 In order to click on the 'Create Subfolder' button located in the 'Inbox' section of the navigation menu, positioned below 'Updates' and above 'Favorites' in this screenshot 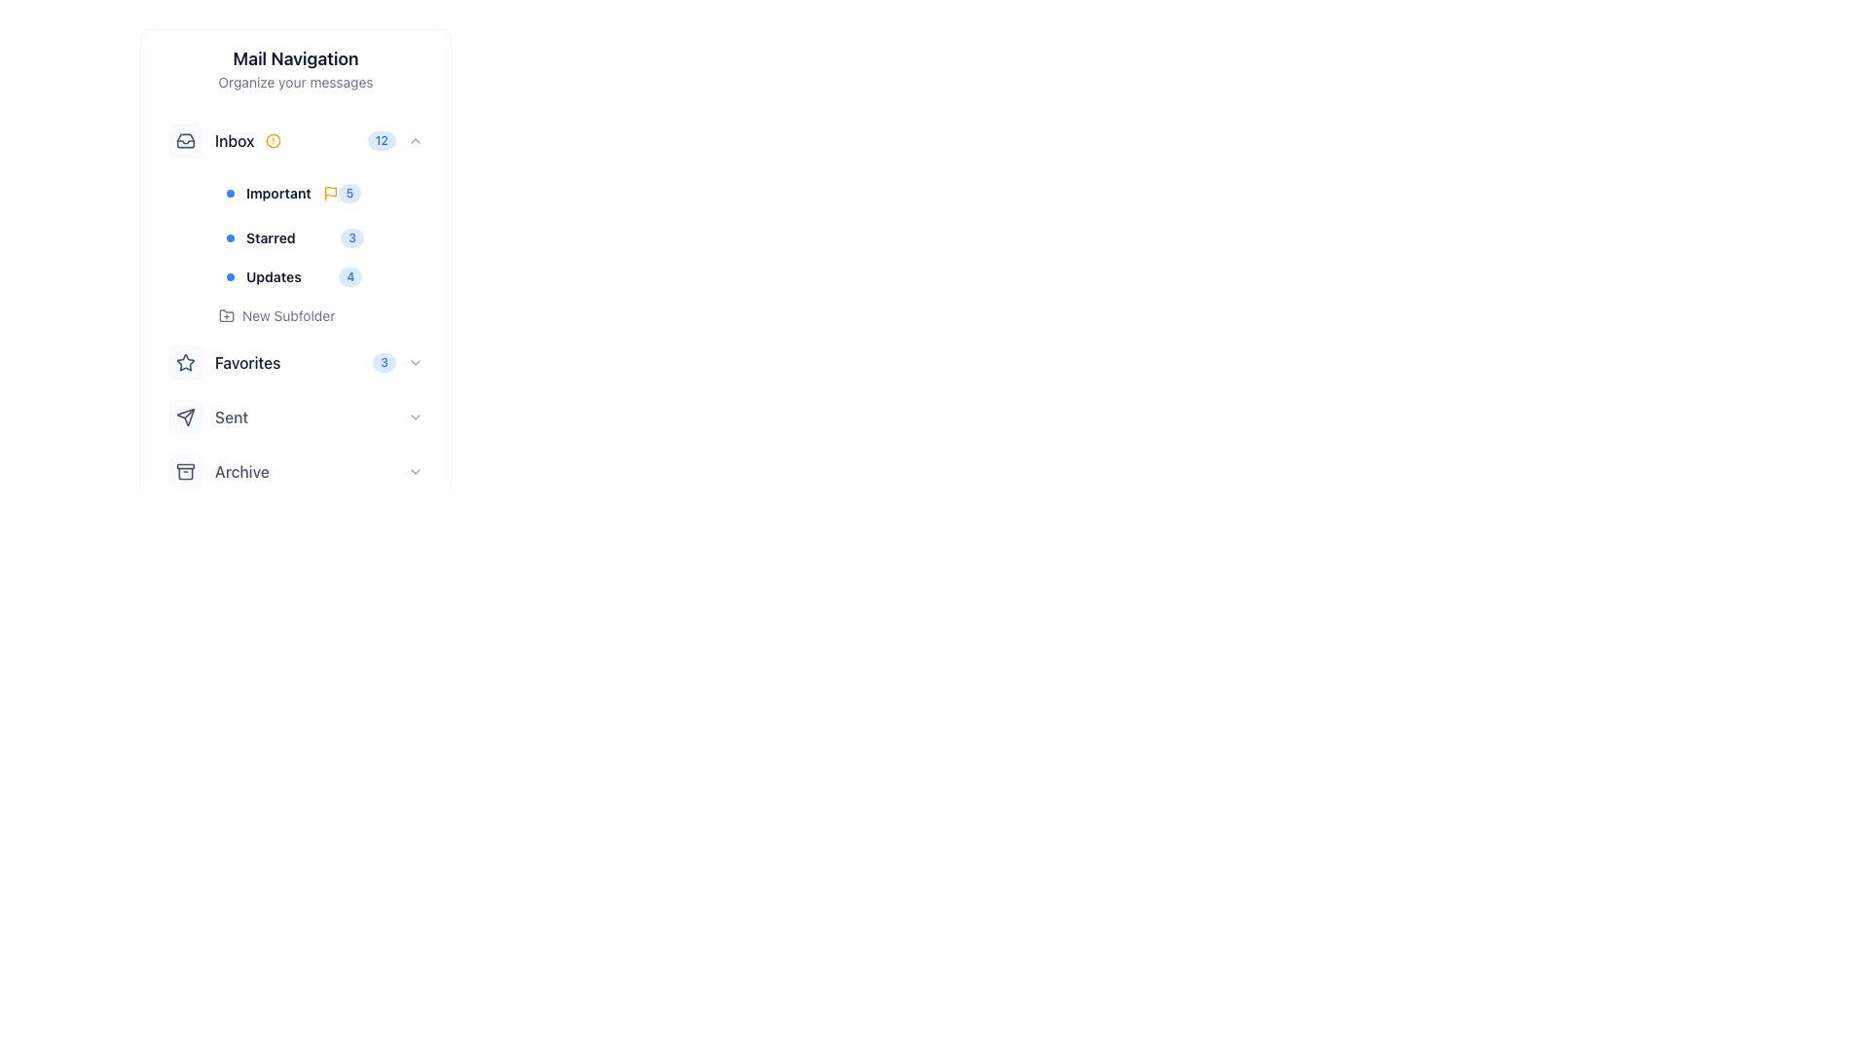, I will do `click(318, 314)`.